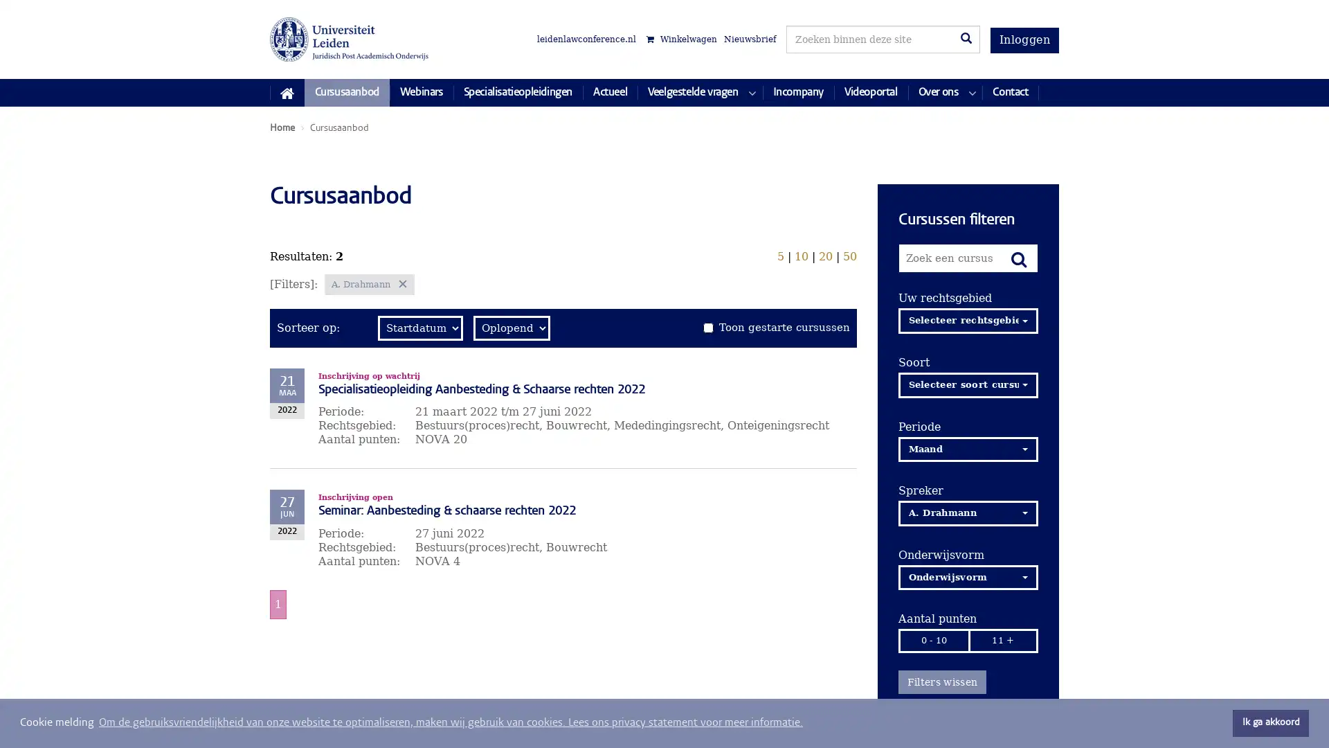 The height and width of the screenshot is (748, 1329). Describe the element at coordinates (967, 513) in the screenshot. I see `A. Drahmann` at that location.